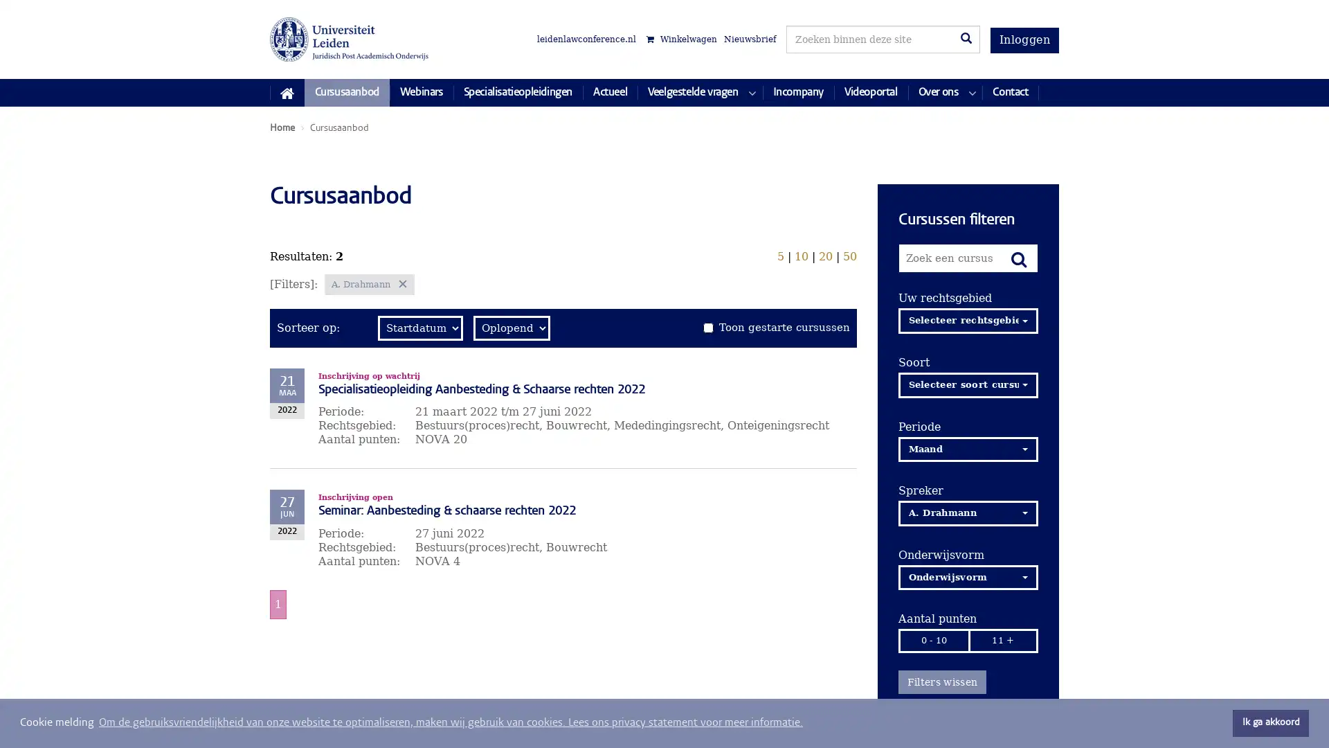 The height and width of the screenshot is (748, 1329). Describe the element at coordinates (967, 513) in the screenshot. I see `A. Drahmann` at that location.